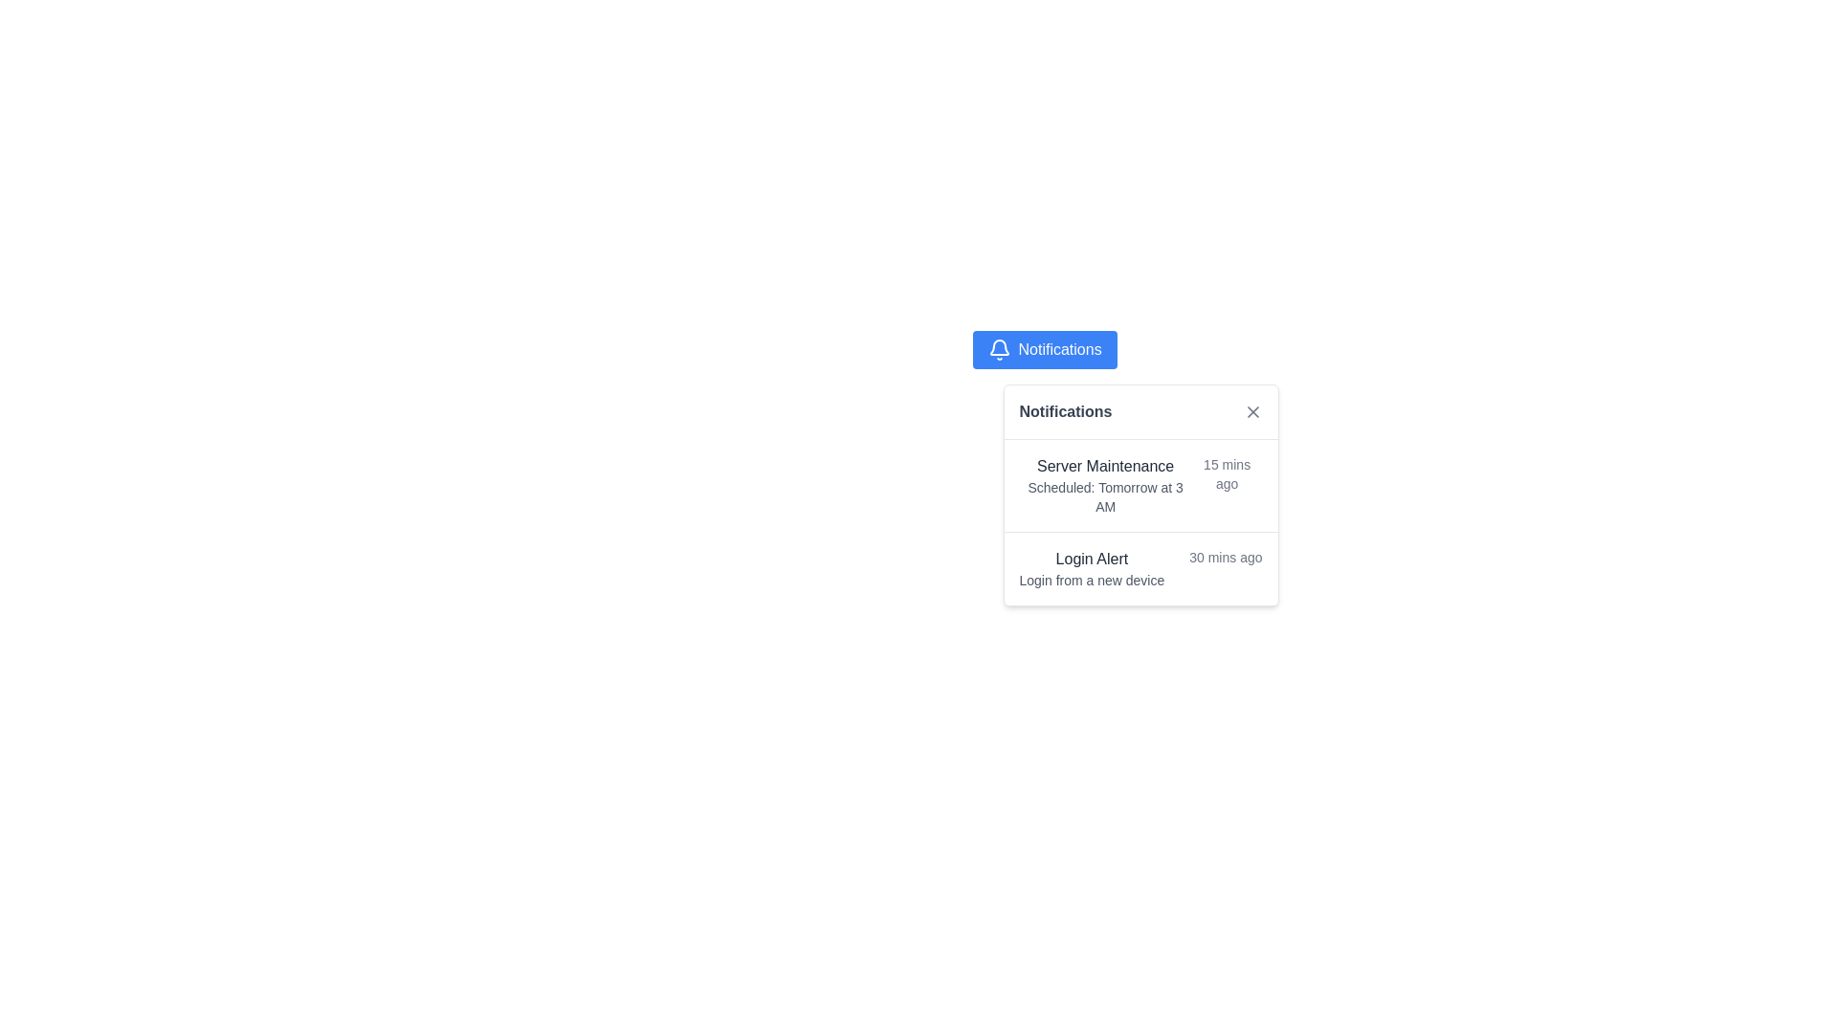  What do you see at coordinates (1105, 496) in the screenshot?
I see `the Text Label that provides detailed description or schedule information related to the notification 'Server Maintenance', located in the second row of the notification card` at bounding box center [1105, 496].